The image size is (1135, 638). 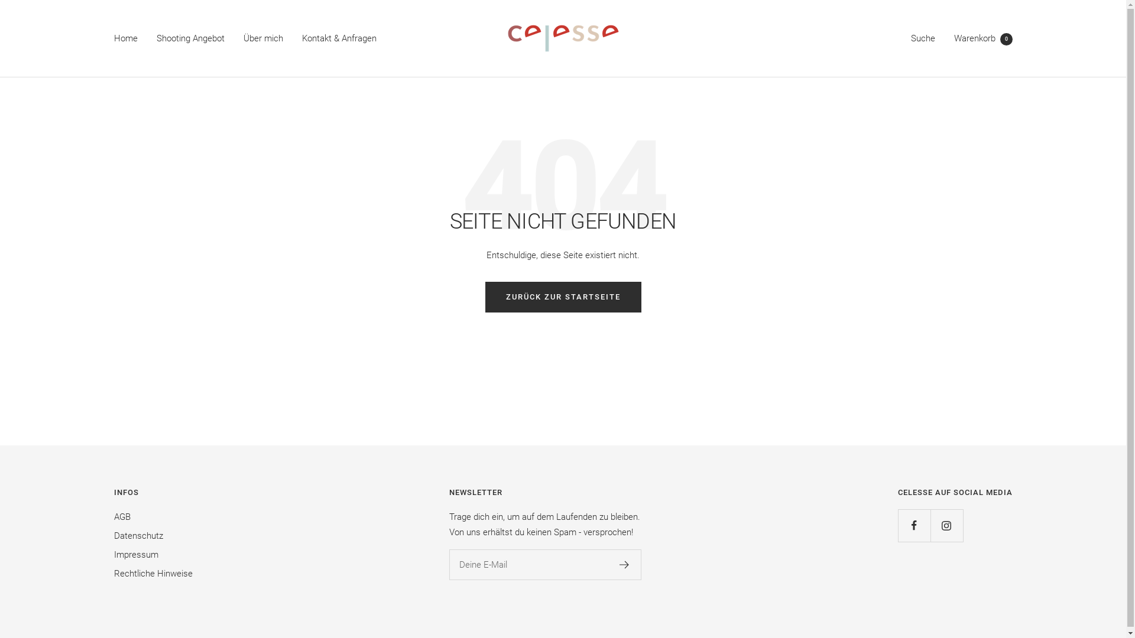 What do you see at coordinates (624, 564) in the screenshot?
I see `'Registrieren'` at bounding box center [624, 564].